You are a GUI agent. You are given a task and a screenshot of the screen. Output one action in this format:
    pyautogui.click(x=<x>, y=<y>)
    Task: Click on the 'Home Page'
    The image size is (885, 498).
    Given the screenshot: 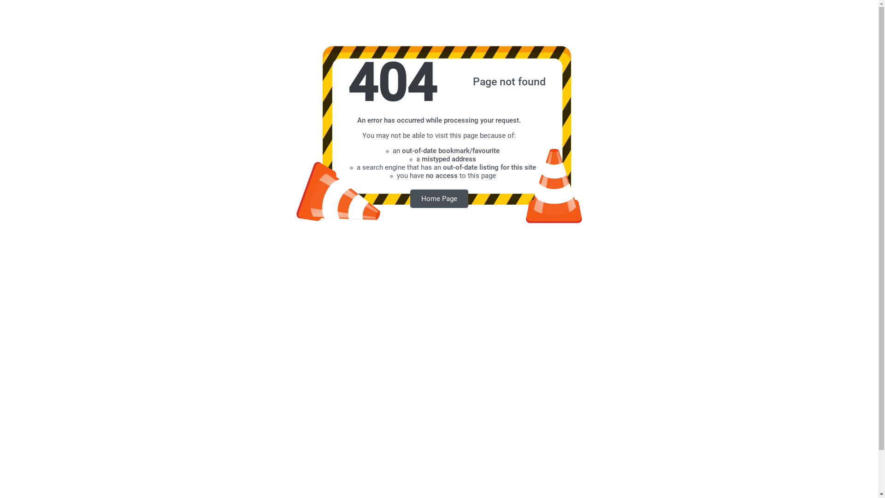 What is the action you would take?
    pyautogui.click(x=439, y=198)
    